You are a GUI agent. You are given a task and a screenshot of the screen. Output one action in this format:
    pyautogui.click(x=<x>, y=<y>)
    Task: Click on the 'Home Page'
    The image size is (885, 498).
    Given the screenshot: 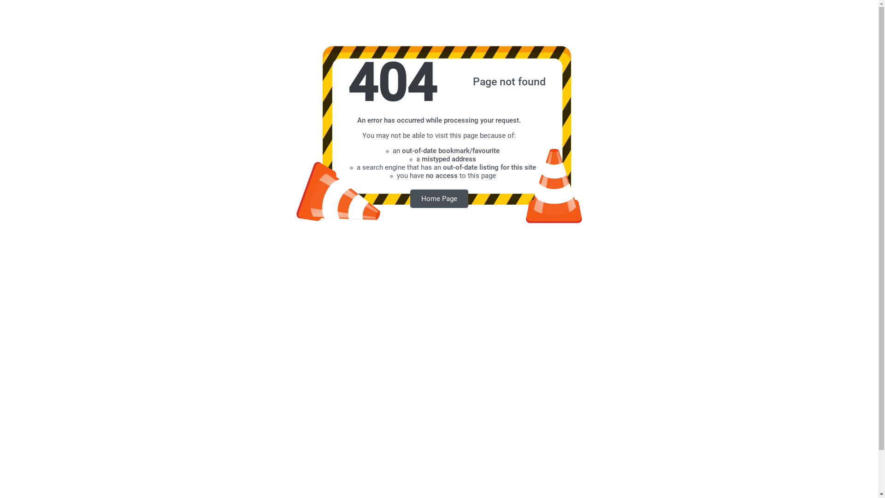 What is the action you would take?
    pyautogui.click(x=439, y=198)
    